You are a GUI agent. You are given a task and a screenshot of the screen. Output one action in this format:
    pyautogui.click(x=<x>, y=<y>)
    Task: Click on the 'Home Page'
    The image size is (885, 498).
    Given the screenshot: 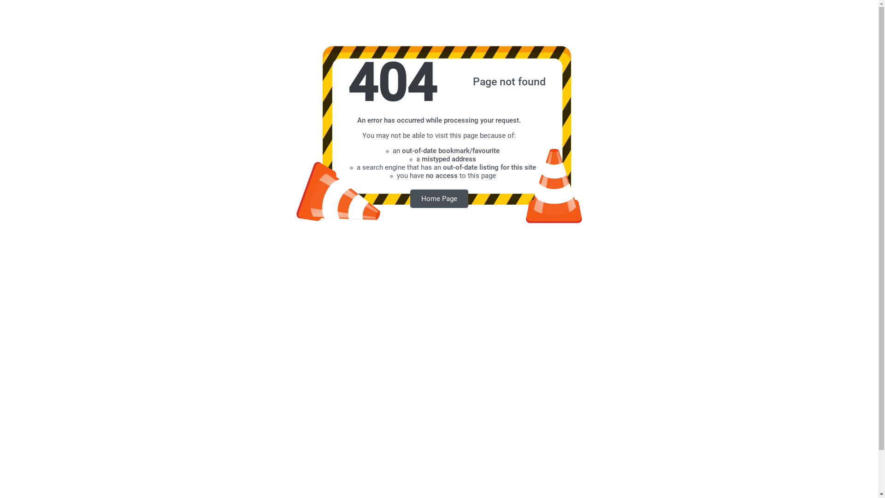 What is the action you would take?
    pyautogui.click(x=439, y=198)
    